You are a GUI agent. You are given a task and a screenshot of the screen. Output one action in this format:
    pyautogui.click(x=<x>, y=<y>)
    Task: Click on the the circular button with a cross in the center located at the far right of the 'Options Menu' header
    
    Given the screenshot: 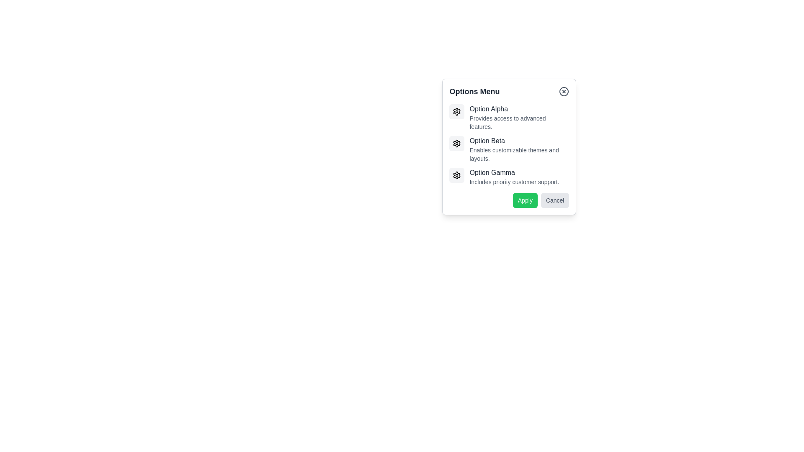 What is the action you would take?
    pyautogui.click(x=564, y=92)
    